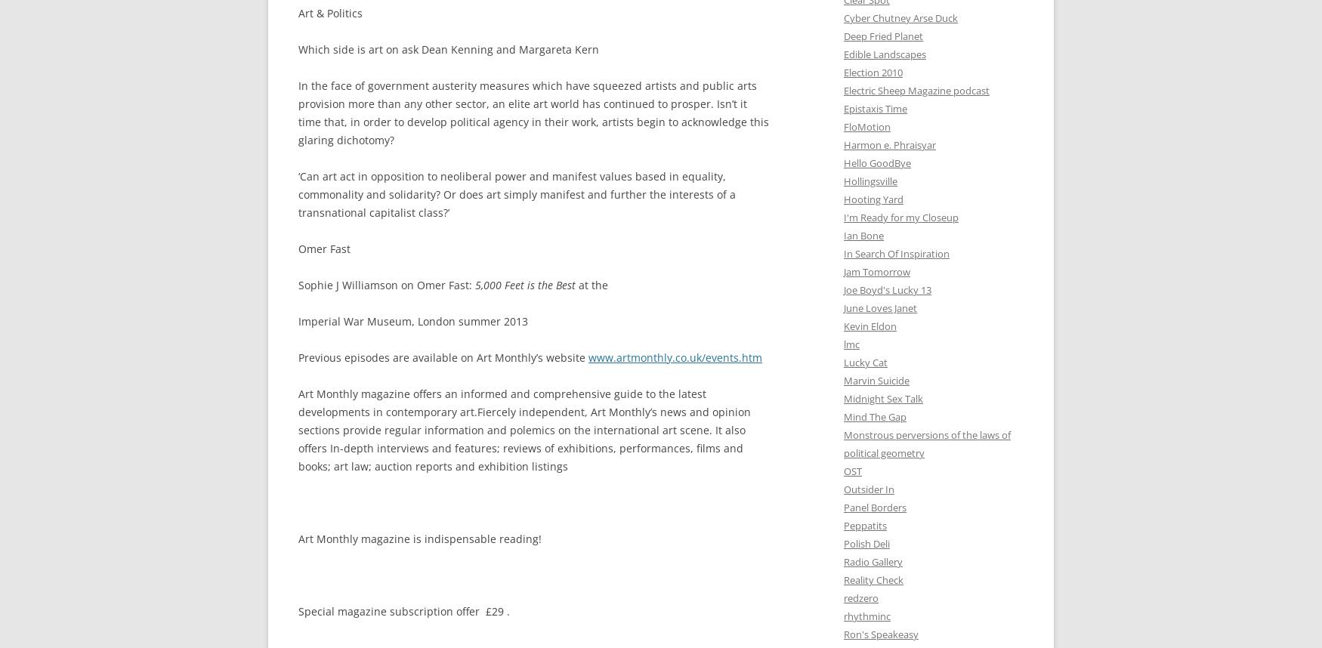 This screenshot has height=648, width=1322. Describe the element at coordinates (874, 506) in the screenshot. I see `'Panel Borders'` at that location.